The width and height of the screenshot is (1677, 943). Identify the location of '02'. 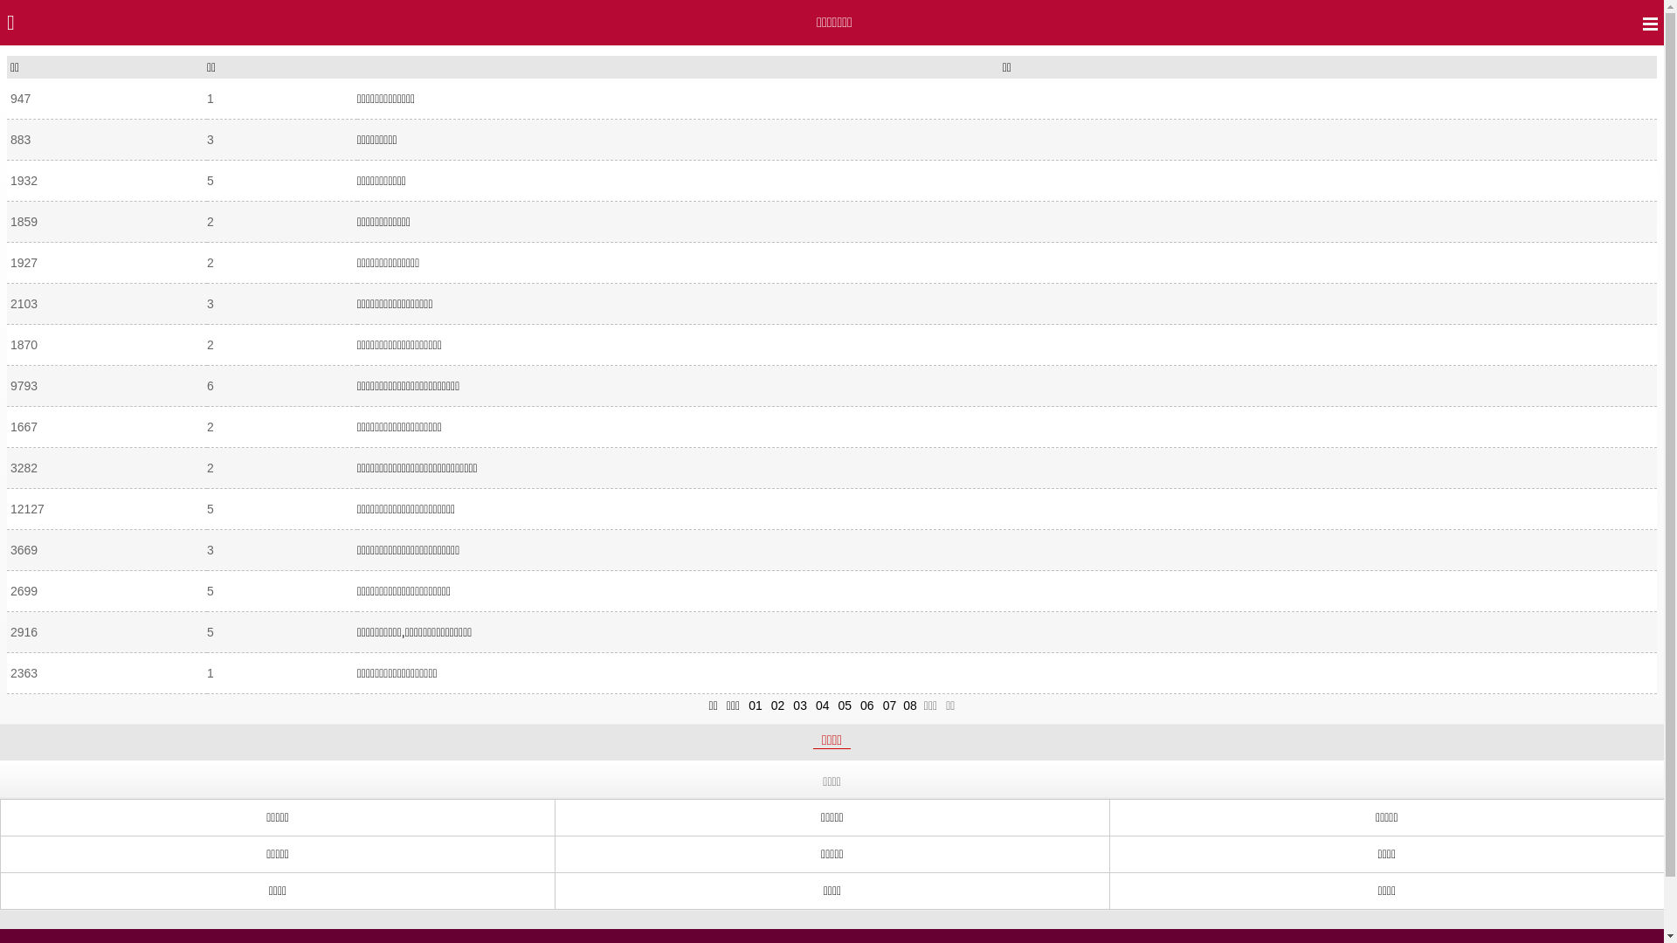
(777, 704).